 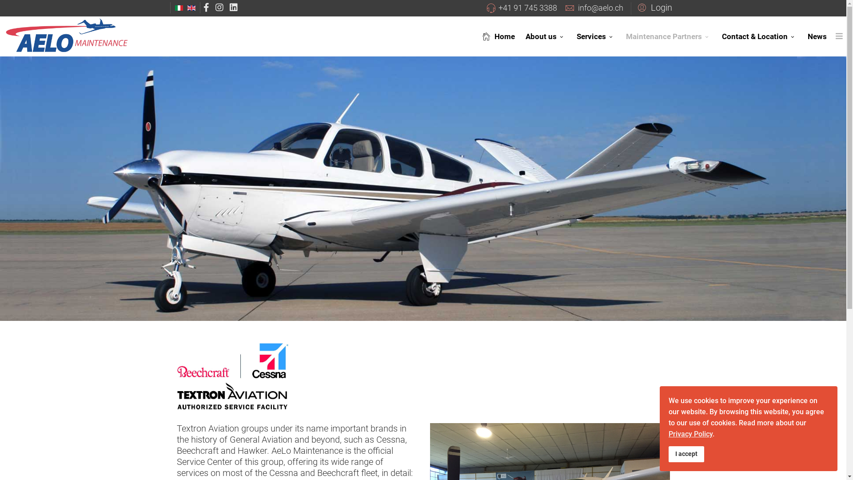 What do you see at coordinates (545, 36) in the screenshot?
I see `'About us'` at bounding box center [545, 36].